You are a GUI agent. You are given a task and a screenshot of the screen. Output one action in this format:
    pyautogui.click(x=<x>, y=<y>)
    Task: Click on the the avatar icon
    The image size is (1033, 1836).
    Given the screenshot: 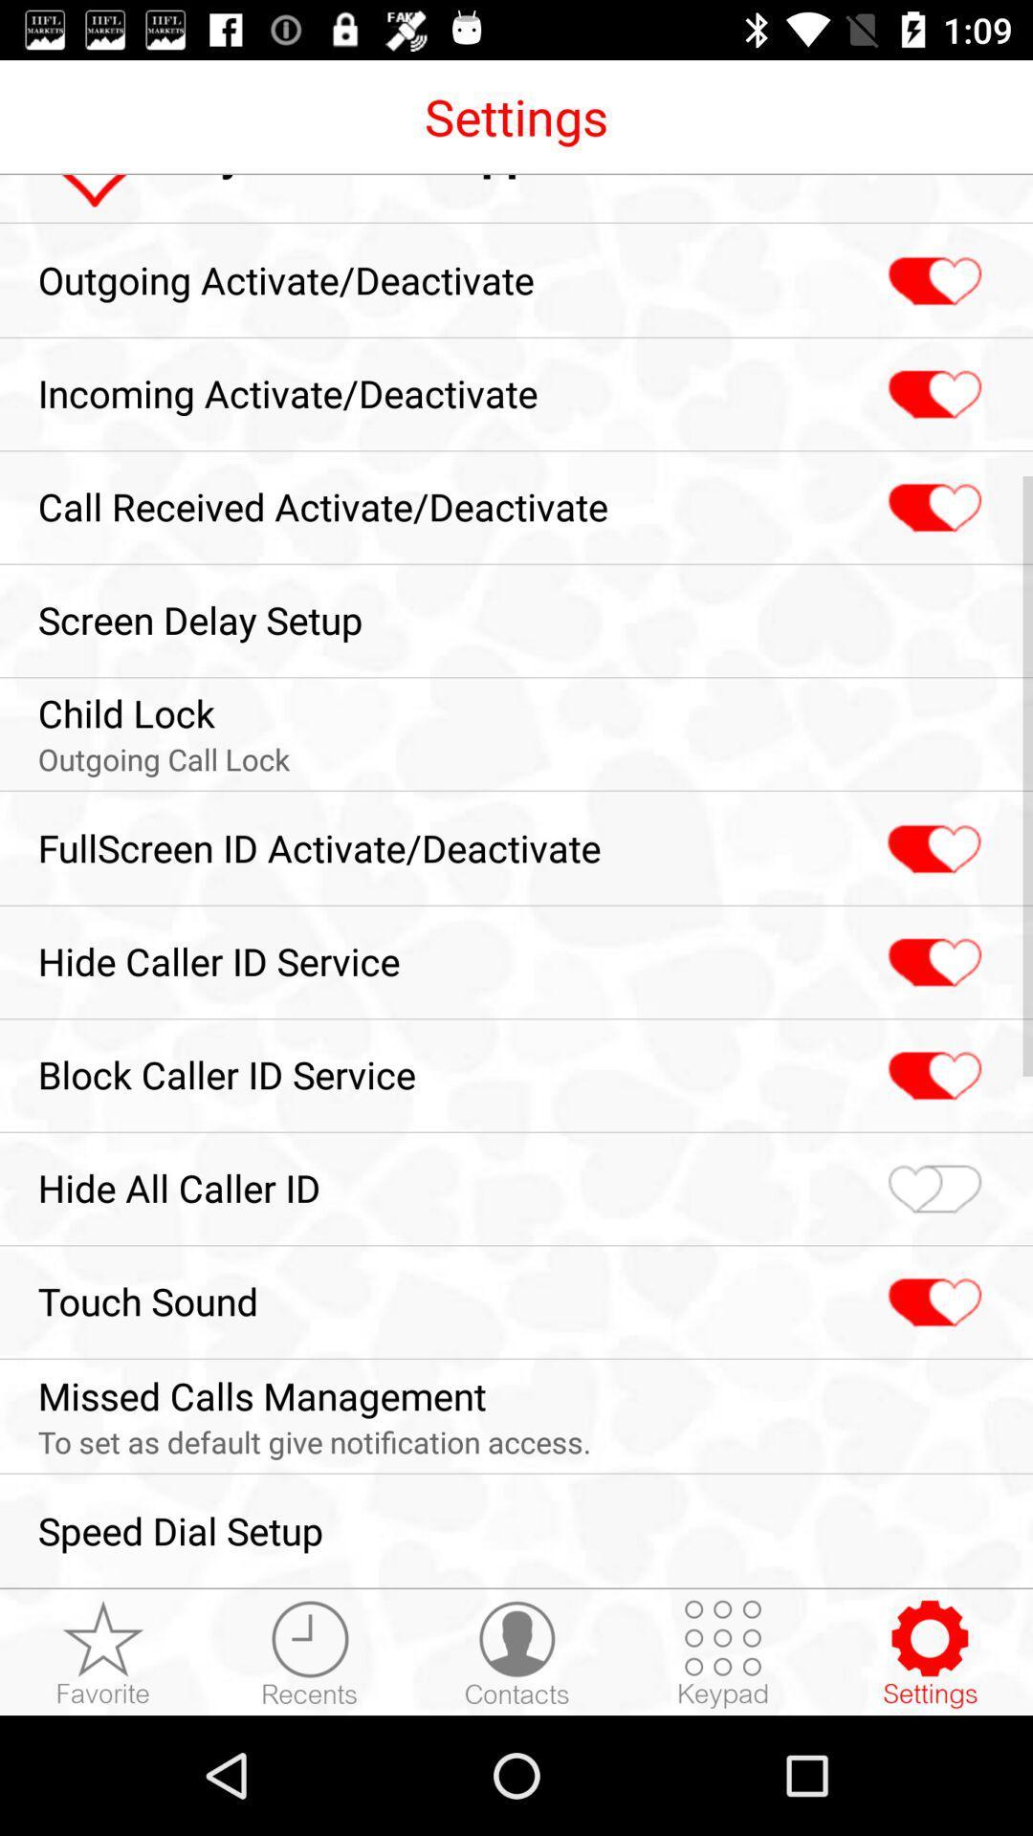 What is the action you would take?
    pyautogui.click(x=516, y=1652)
    